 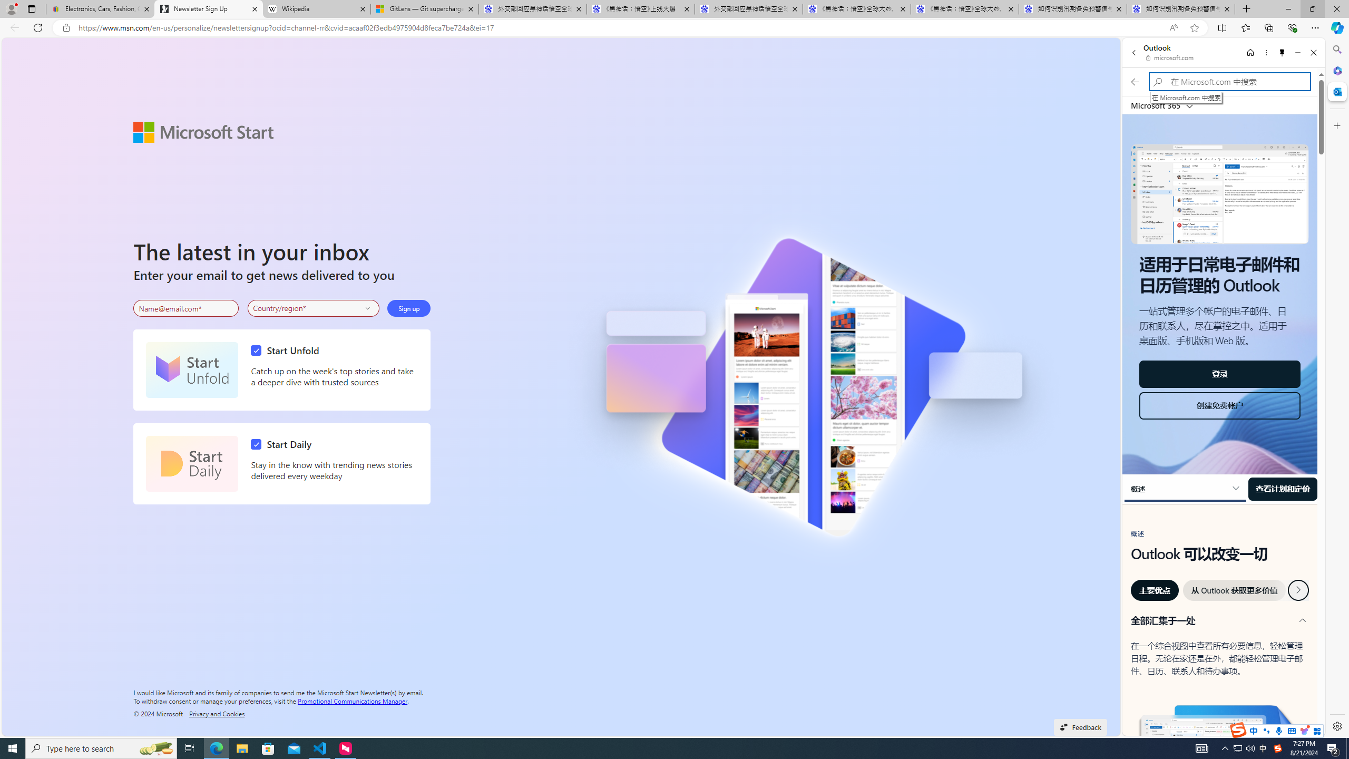 I want to click on 'Start Daily', so click(x=191, y=464).